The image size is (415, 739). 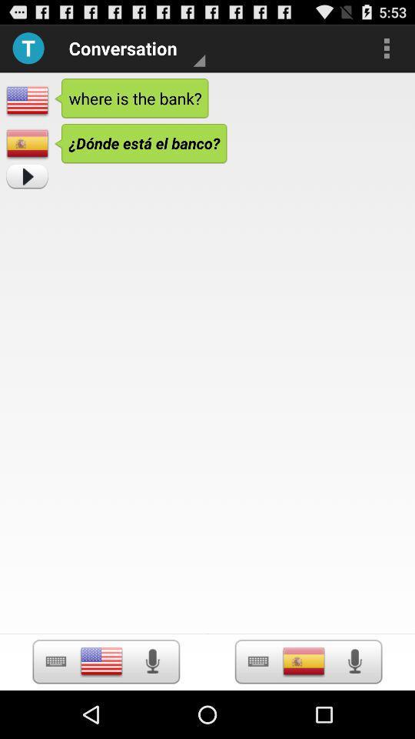 I want to click on language selection option, so click(x=101, y=660).